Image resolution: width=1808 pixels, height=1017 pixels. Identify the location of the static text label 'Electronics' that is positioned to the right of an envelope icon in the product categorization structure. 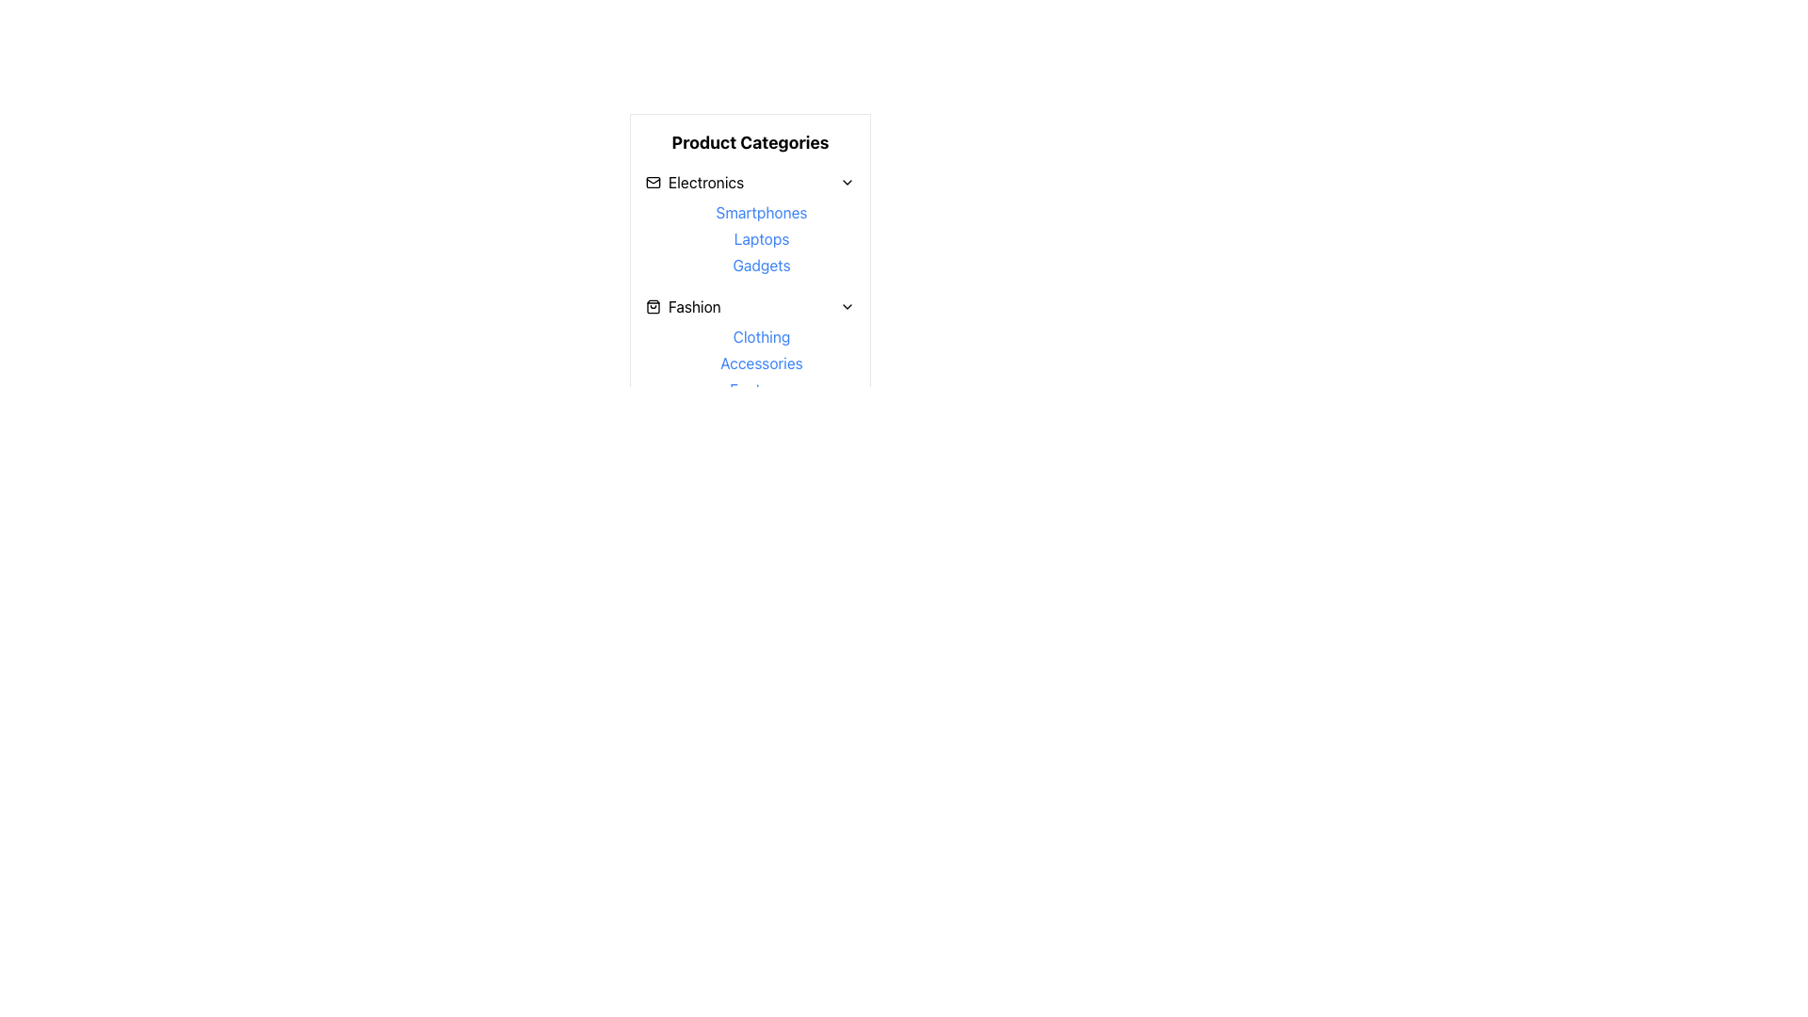
(705, 182).